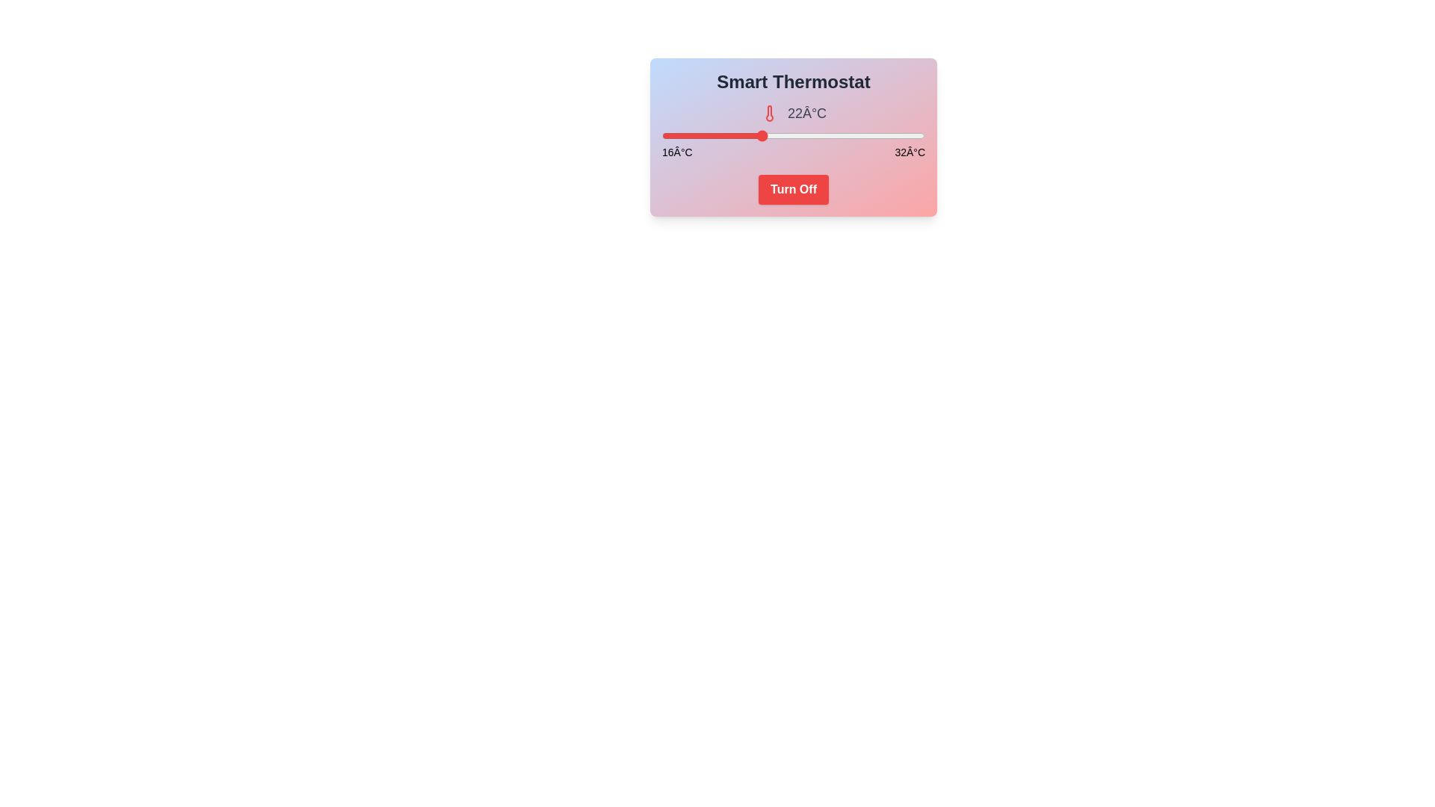 This screenshot has height=807, width=1435. What do you see at coordinates (792, 189) in the screenshot?
I see `'Turn Off' button to toggle the power status of the thermostat` at bounding box center [792, 189].